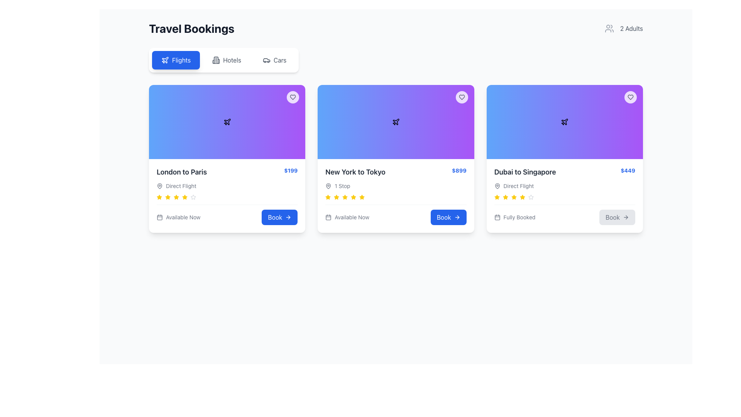 The height and width of the screenshot is (417, 741). What do you see at coordinates (226, 59) in the screenshot?
I see `the 'Hotels' button, which features a building icon and gray text` at bounding box center [226, 59].